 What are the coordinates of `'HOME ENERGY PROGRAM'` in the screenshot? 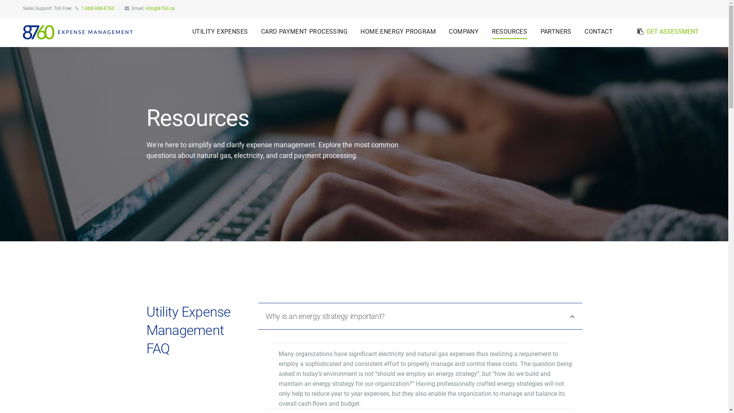 It's located at (398, 31).